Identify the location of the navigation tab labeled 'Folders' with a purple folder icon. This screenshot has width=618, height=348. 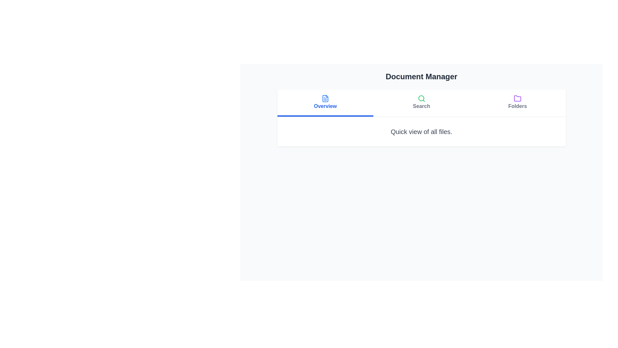
(518, 103).